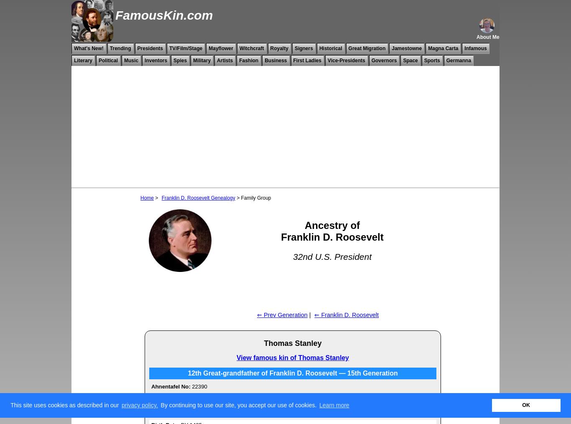 The width and height of the screenshot is (571, 424). What do you see at coordinates (310, 315) in the screenshot?
I see `'|'` at bounding box center [310, 315].